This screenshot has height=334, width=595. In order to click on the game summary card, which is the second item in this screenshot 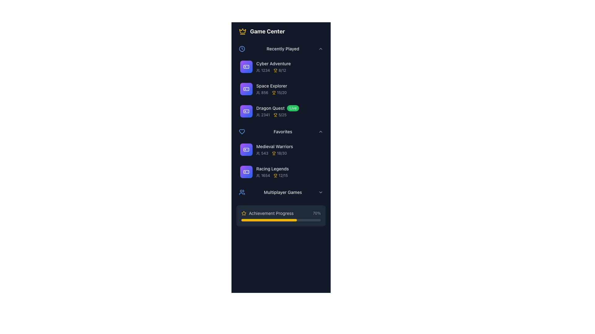, I will do `click(281, 89)`.